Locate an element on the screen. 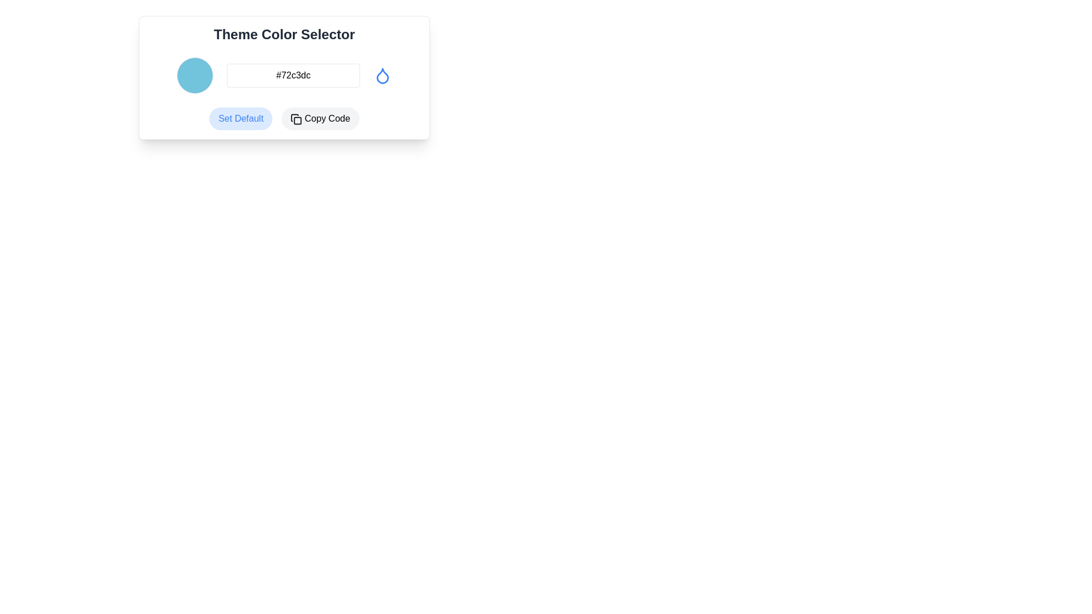 The height and width of the screenshot is (614, 1092). the icon within the 'Copy Code' button is located at coordinates (297, 121).